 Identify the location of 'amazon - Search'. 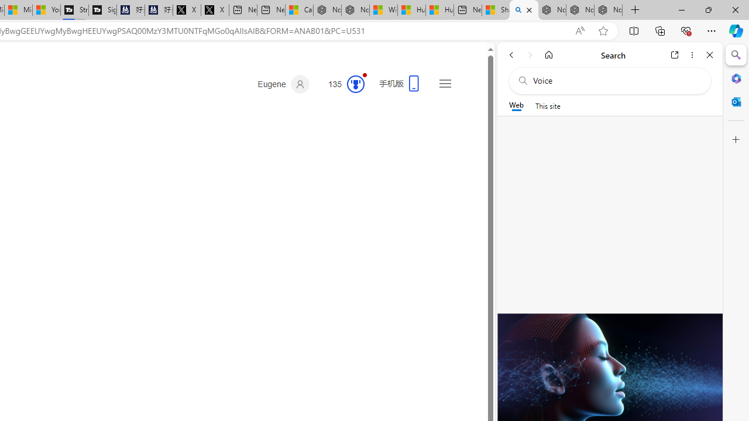
(523, 10).